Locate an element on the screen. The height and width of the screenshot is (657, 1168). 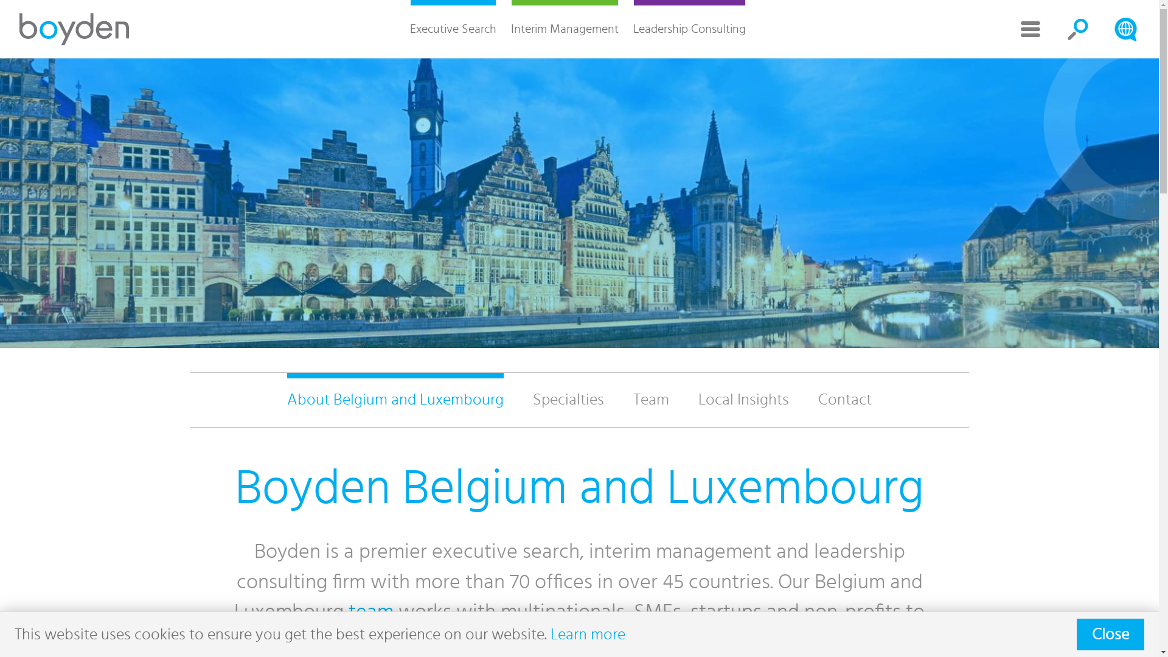
'More' is located at coordinates (1030, 28).